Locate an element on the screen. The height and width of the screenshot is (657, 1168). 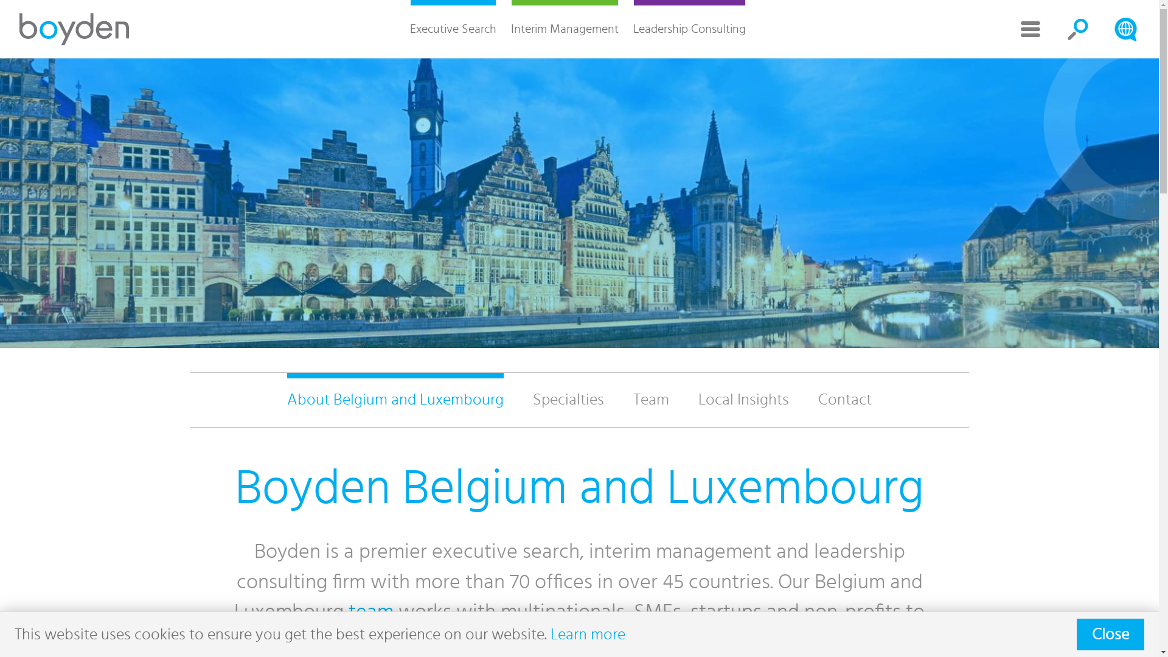
'More' is located at coordinates (1030, 28).